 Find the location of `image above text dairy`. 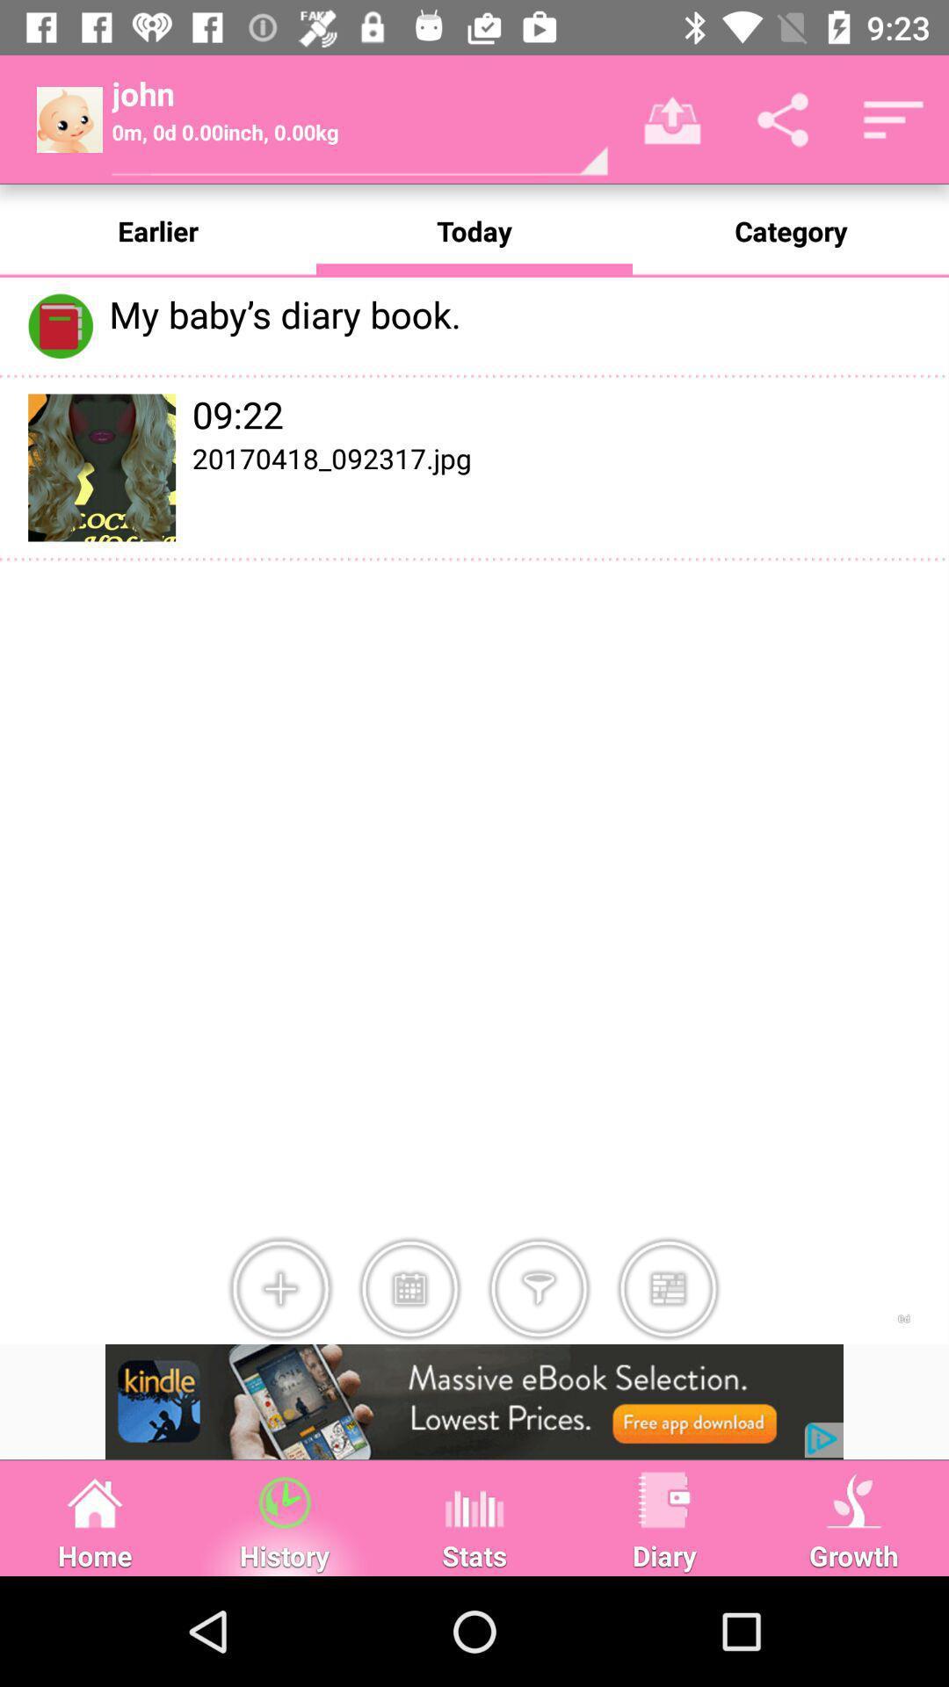

image above text dairy is located at coordinates (664, 1499).